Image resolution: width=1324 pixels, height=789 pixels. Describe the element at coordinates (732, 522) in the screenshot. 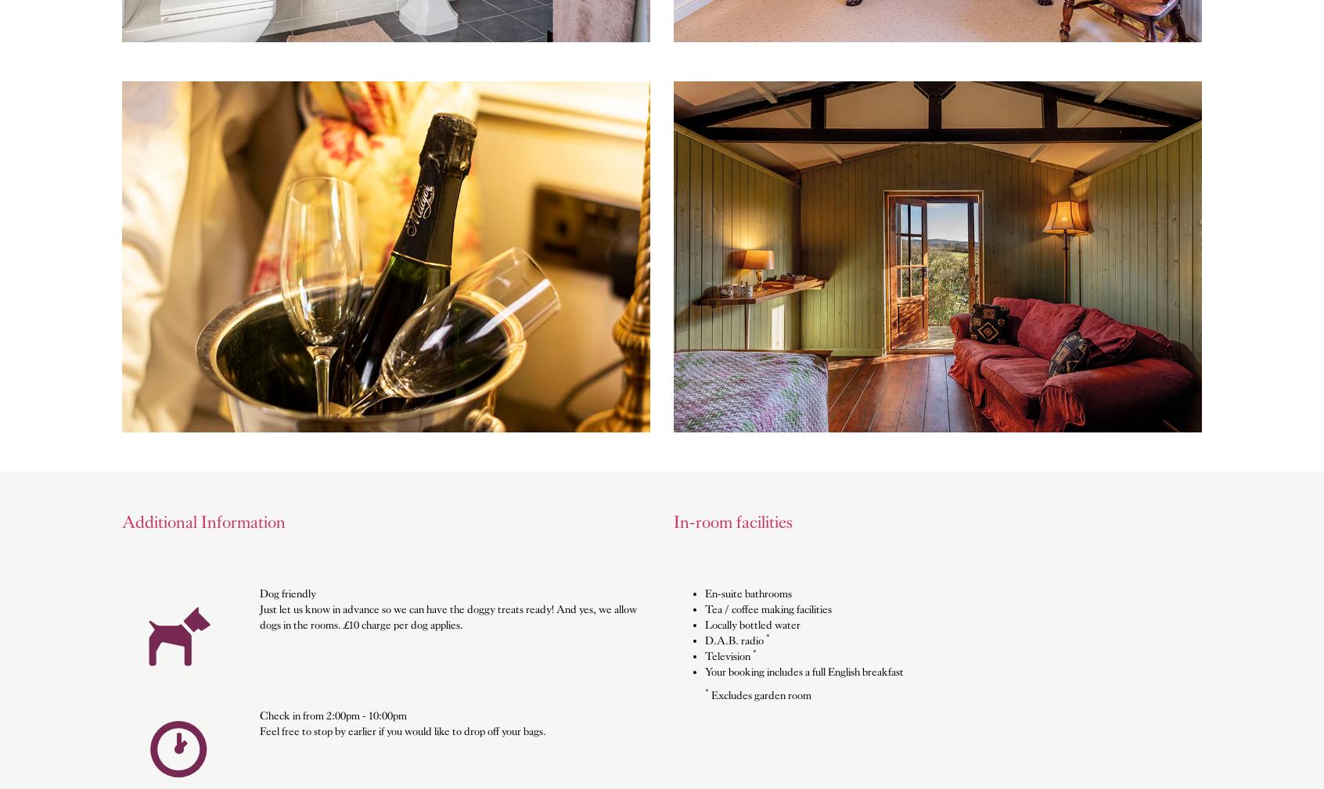

I see `'In-room facilities'` at that location.